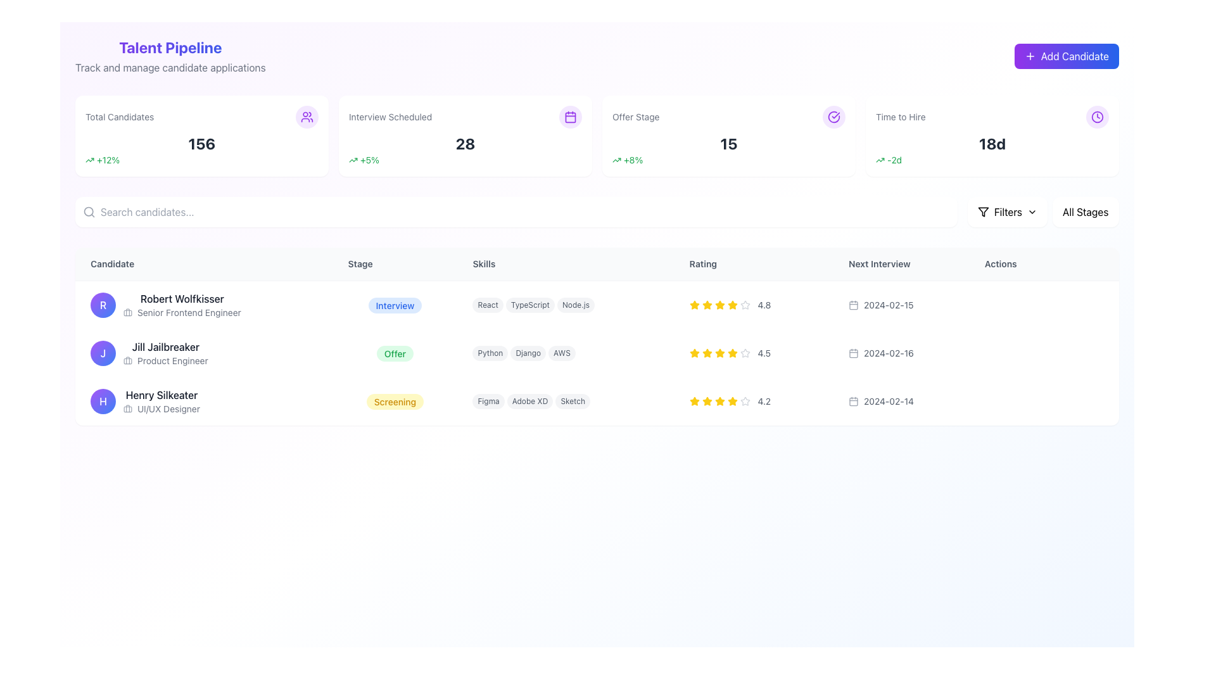 This screenshot has height=684, width=1216. Describe the element at coordinates (732, 401) in the screenshot. I see `the fully selected fifth star icon in the rating system for individual 'Henry Silkeater'` at that location.